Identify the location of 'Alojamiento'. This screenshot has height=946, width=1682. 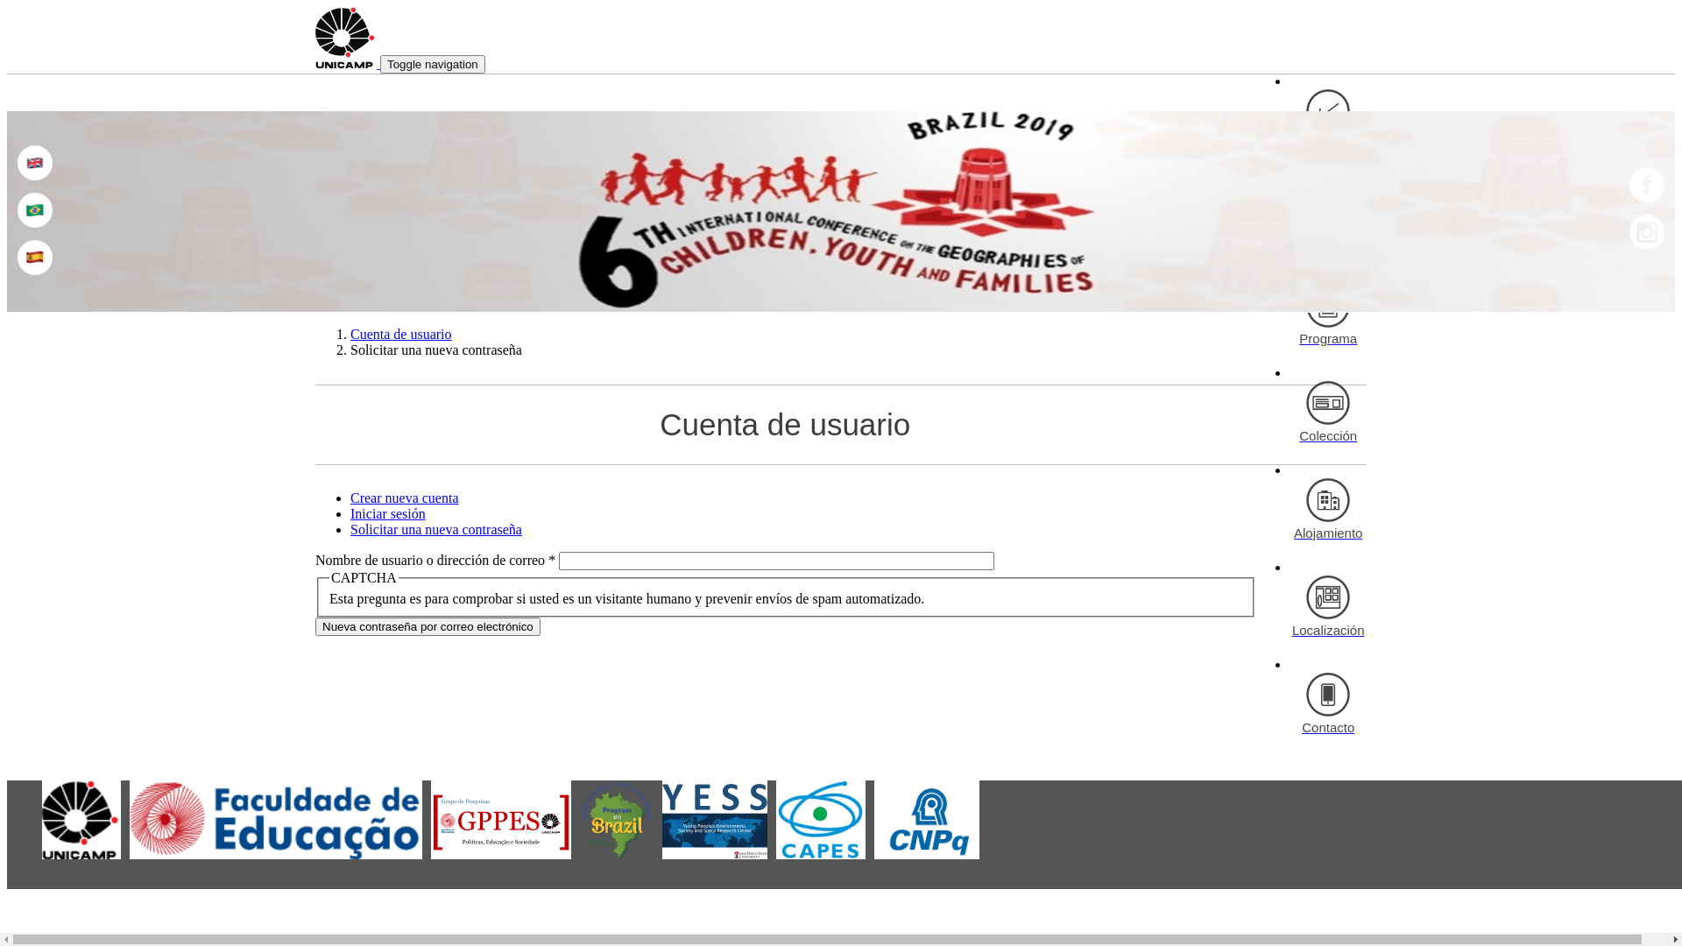
(1328, 510).